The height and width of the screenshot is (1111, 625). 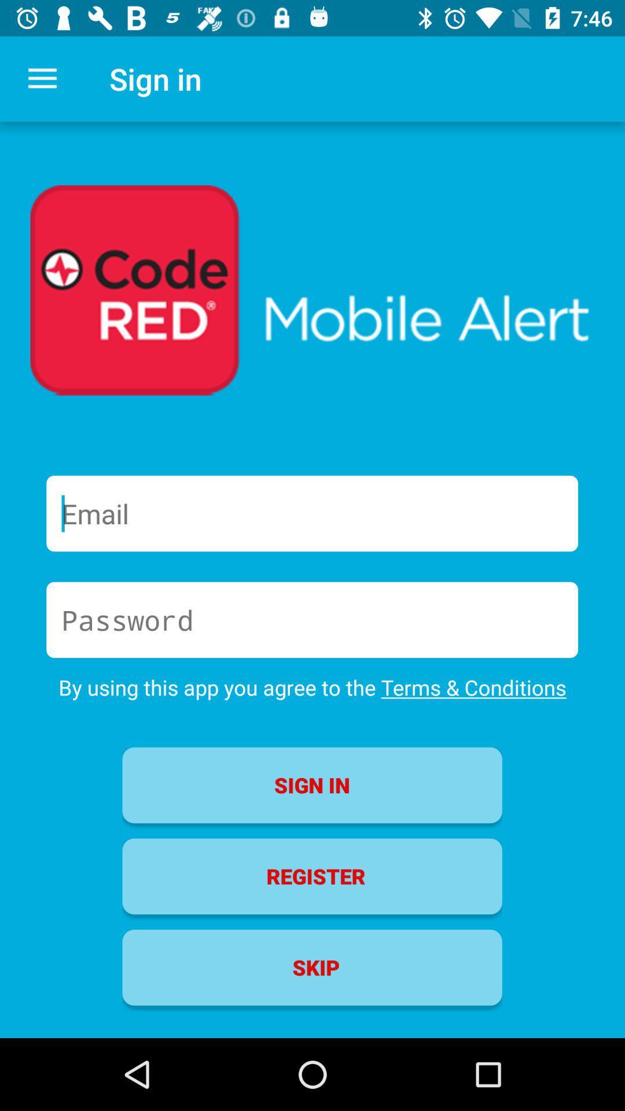 I want to click on the by using this item, so click(x=312, y=687).